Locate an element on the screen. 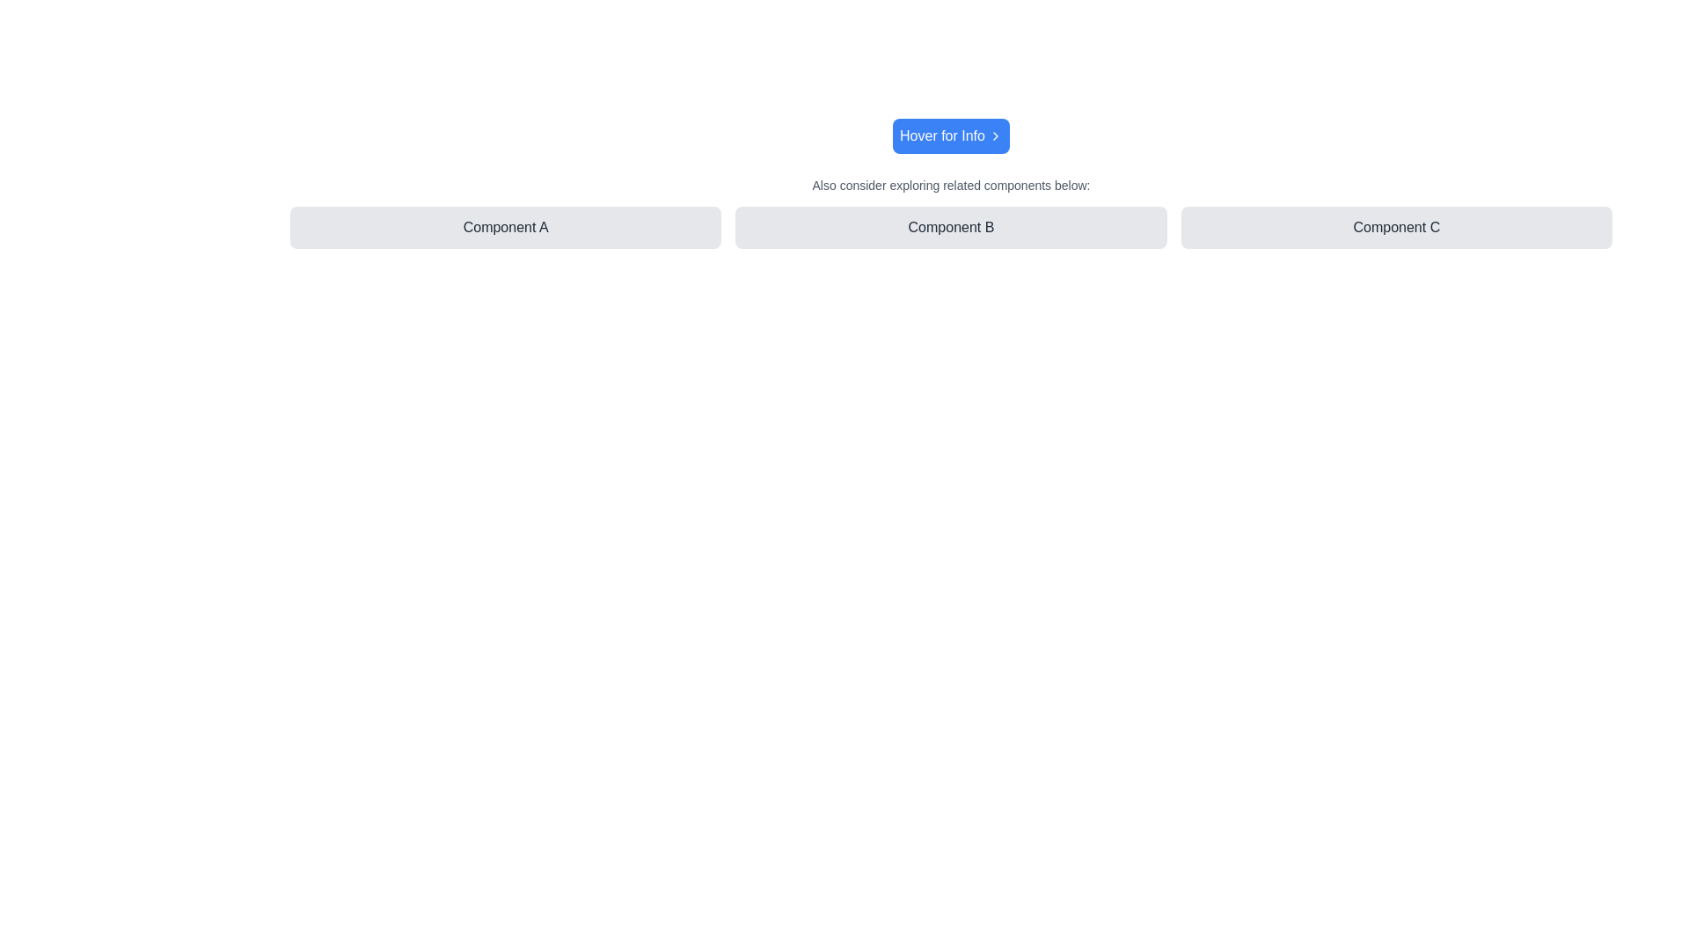 The width and height of the screenshot is (1689, 950). the non-interactive informational text label that guides users about the related components listed below, which is centered above Component A, Component B, and Component C is located at coordinates (950, 186).